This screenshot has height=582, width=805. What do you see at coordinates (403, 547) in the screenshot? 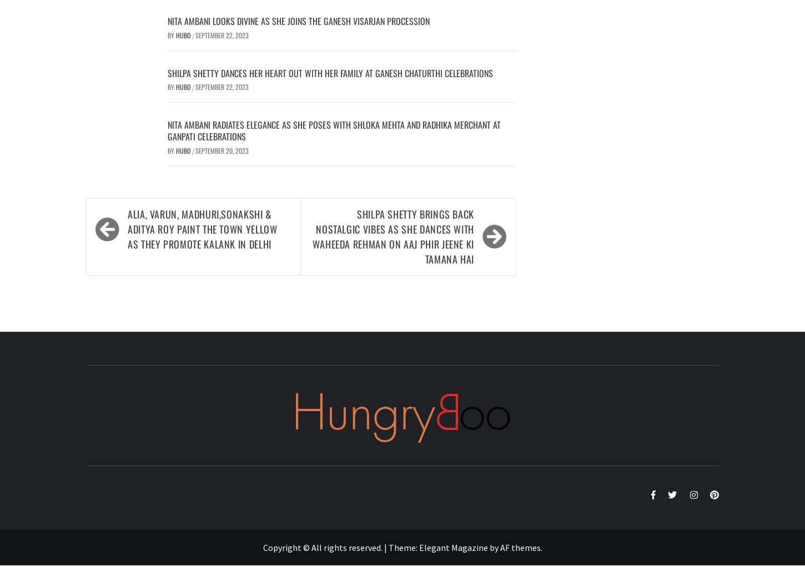
I see `'Theme:'` at bounding box center [403, 547].